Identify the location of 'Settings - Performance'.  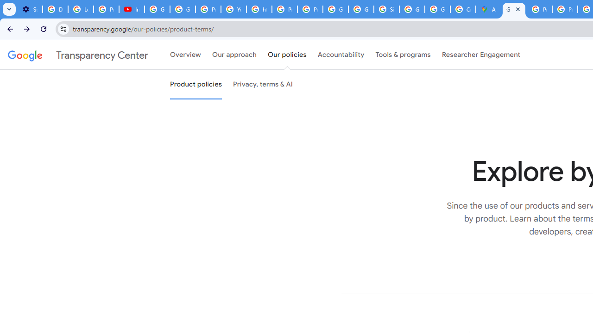
(30, 9).